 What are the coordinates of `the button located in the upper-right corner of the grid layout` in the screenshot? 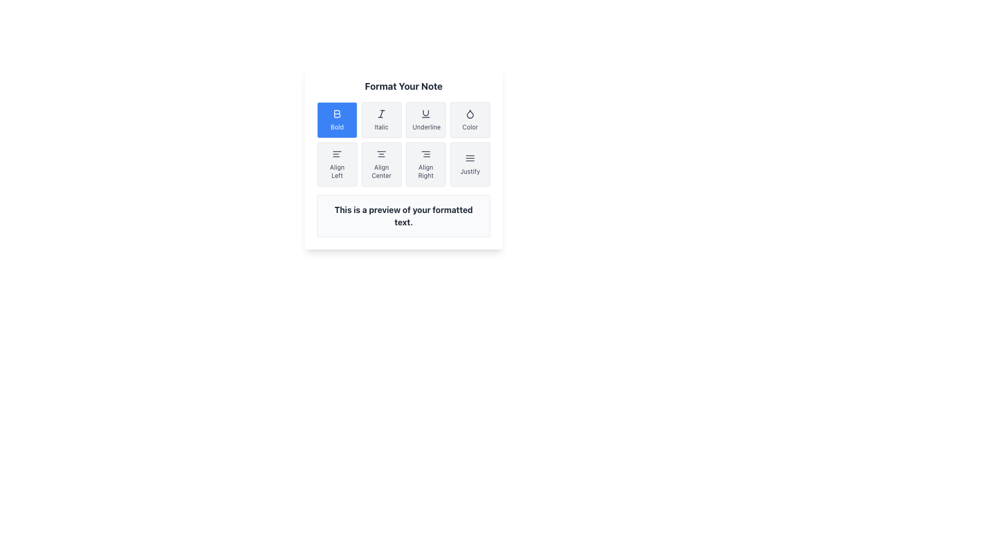 It's located at (470, 119).